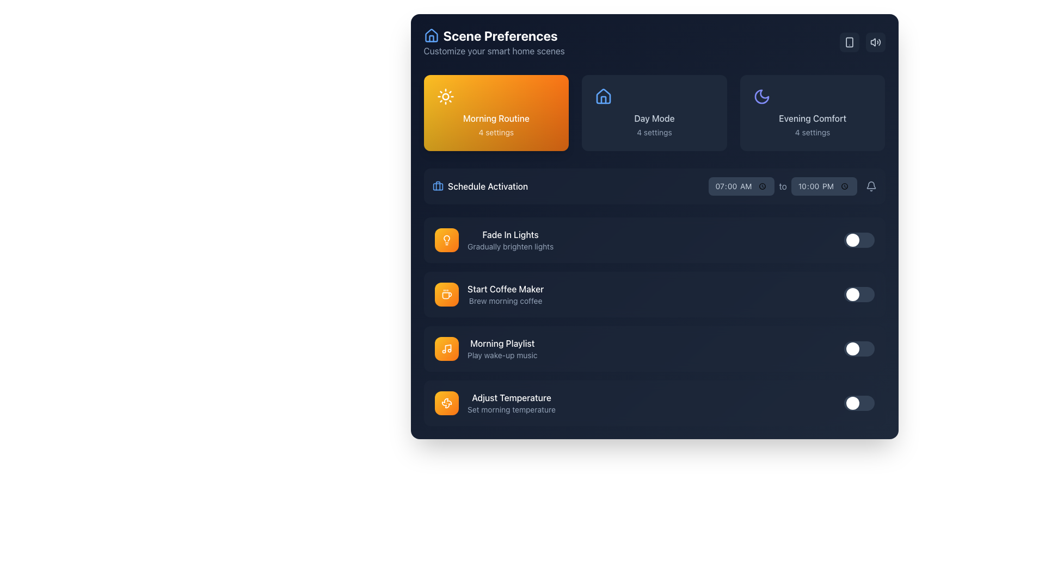 Image resolution: width=1045 pixels, height=587 pixels. I want to click on the circular shape located at the center of the sun-like icon within the 'Morning Routine' card, so click(445, 96).